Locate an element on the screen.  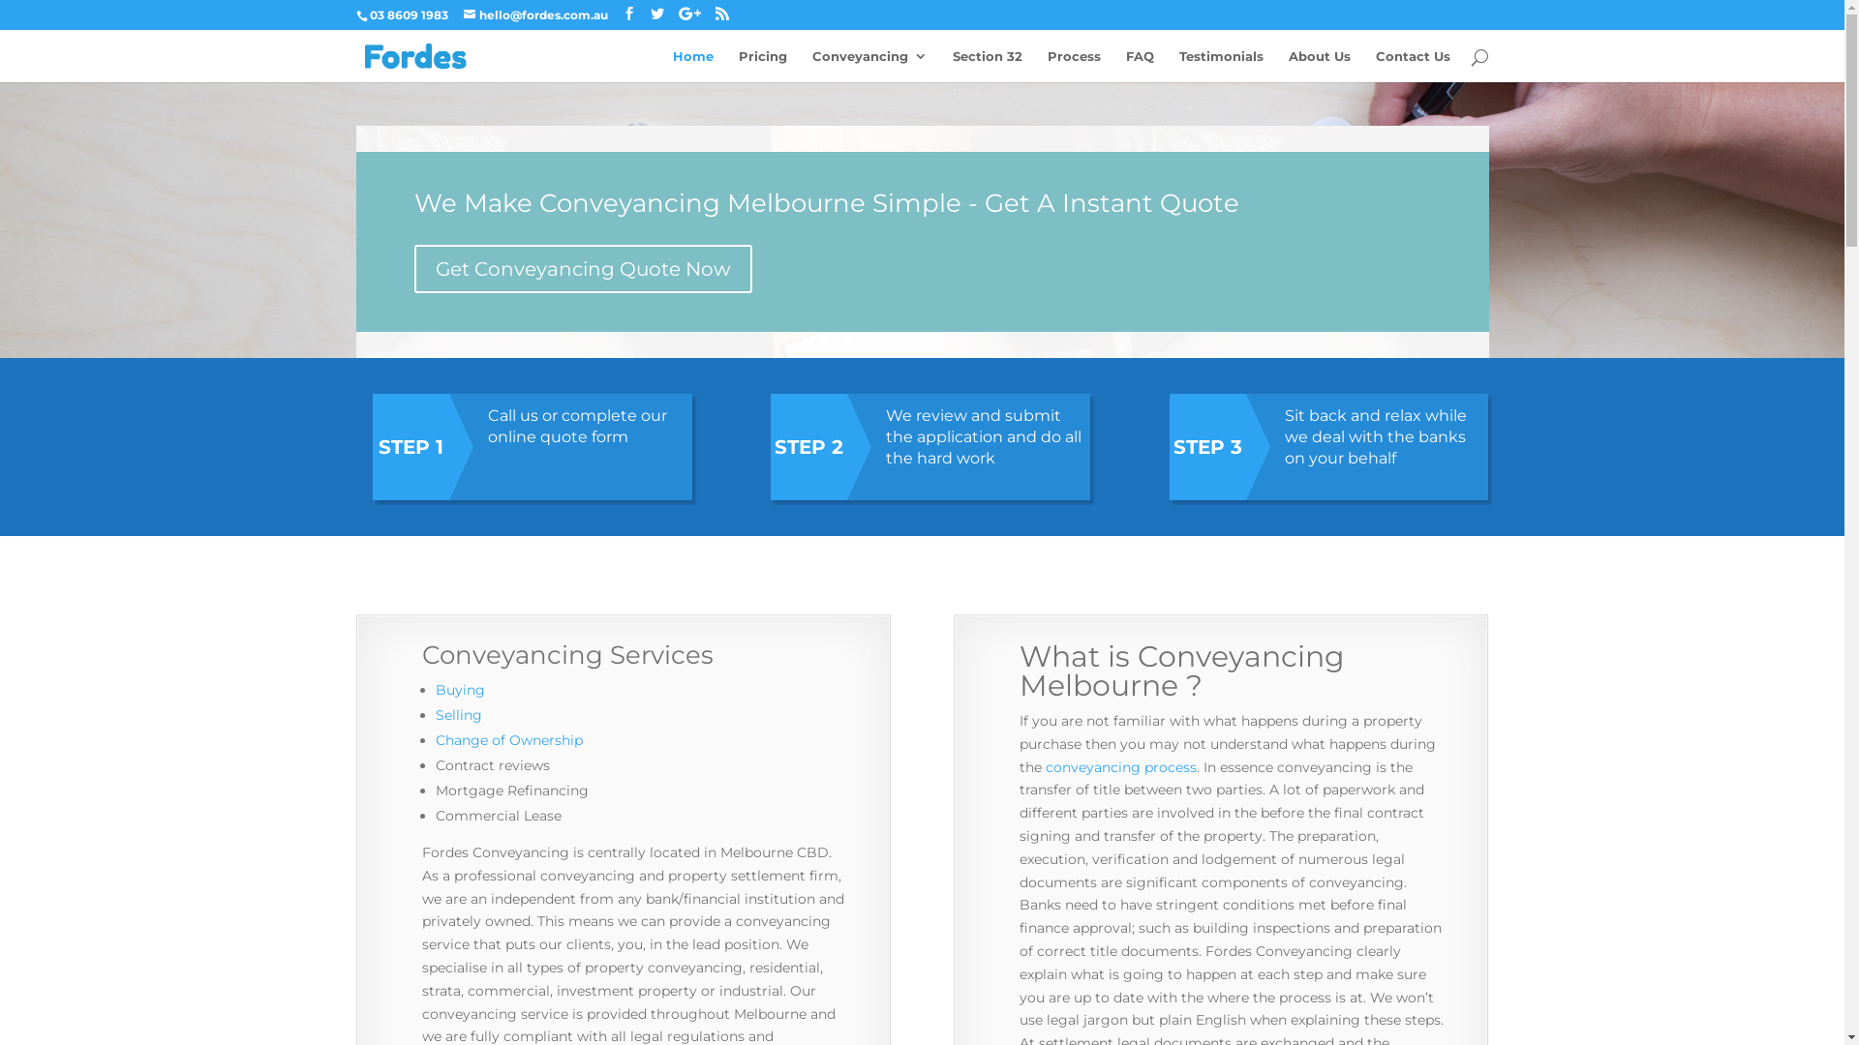
'Change of Ownership' is located at coordinates (509, 739).